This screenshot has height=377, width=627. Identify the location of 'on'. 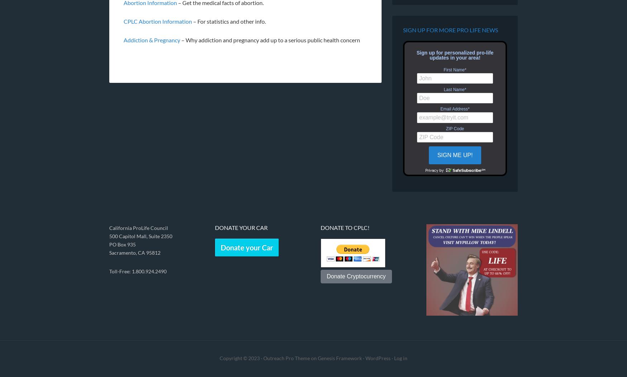
(310, 358).